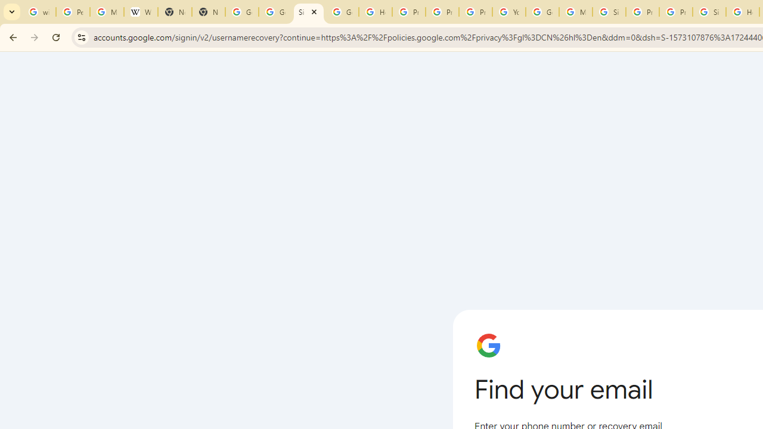  I want to click on 'Manage your Location History - Google Search Help', so click(107, 12).